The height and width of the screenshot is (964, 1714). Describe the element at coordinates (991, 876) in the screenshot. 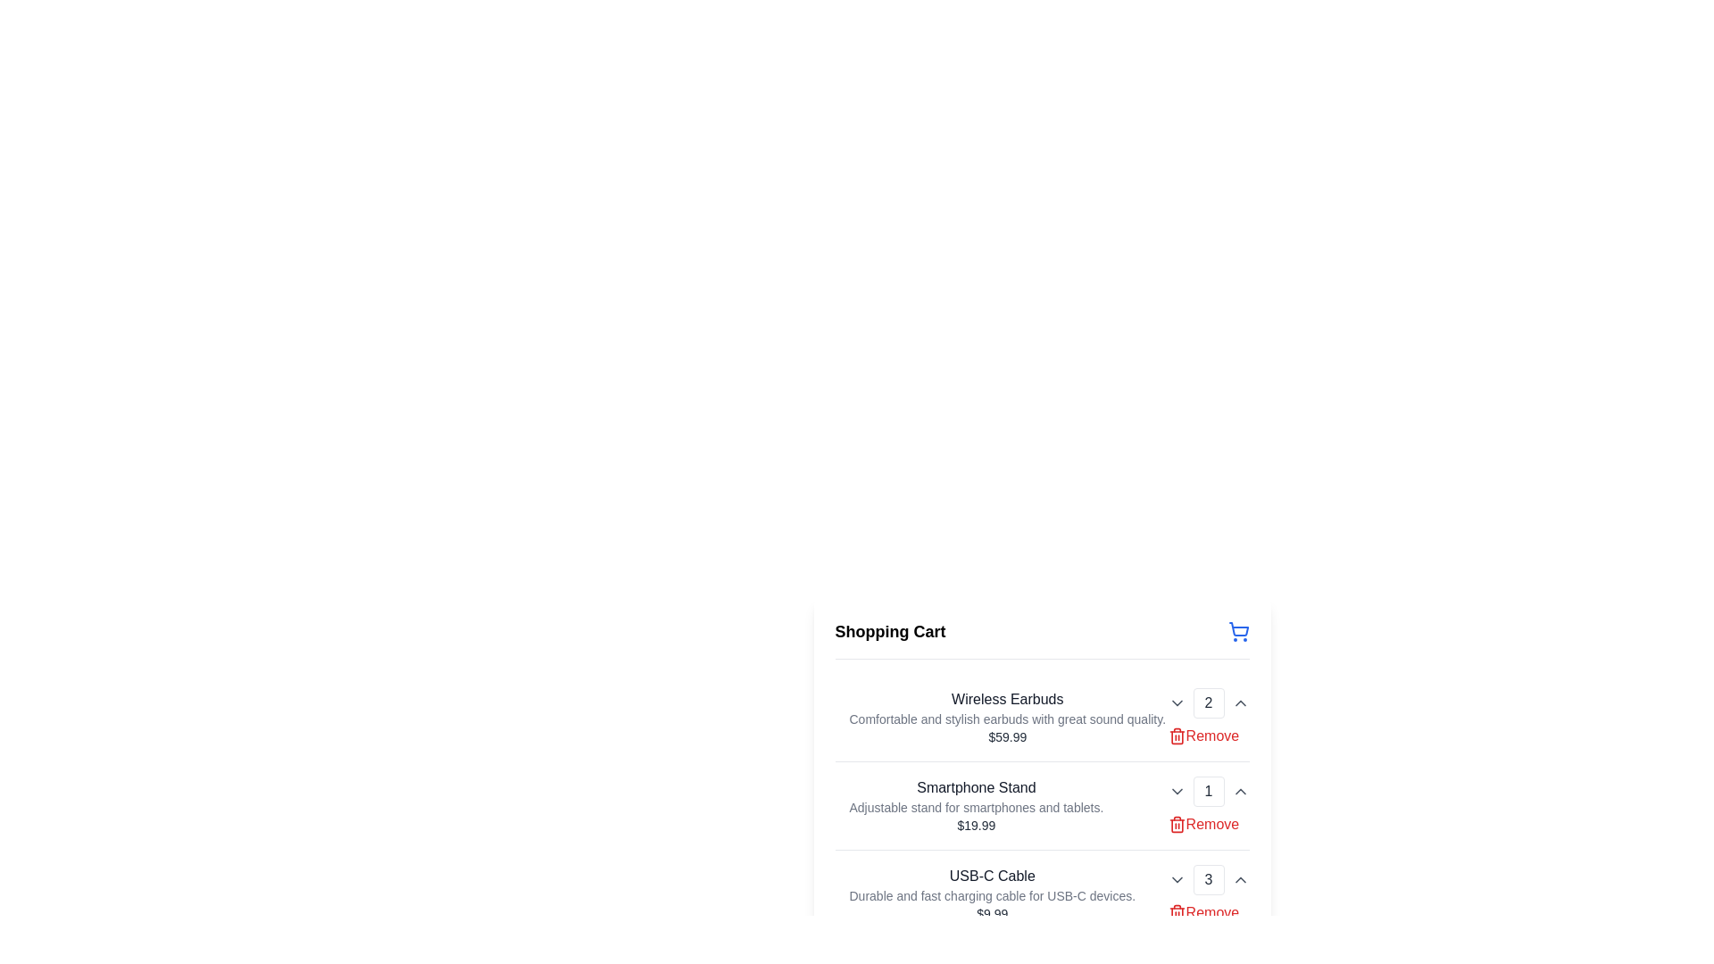

I see `the text label that reads 'USB-C Cable', styled with a medium-weight font and gray-black color, located at the top of the product description box` at that location.